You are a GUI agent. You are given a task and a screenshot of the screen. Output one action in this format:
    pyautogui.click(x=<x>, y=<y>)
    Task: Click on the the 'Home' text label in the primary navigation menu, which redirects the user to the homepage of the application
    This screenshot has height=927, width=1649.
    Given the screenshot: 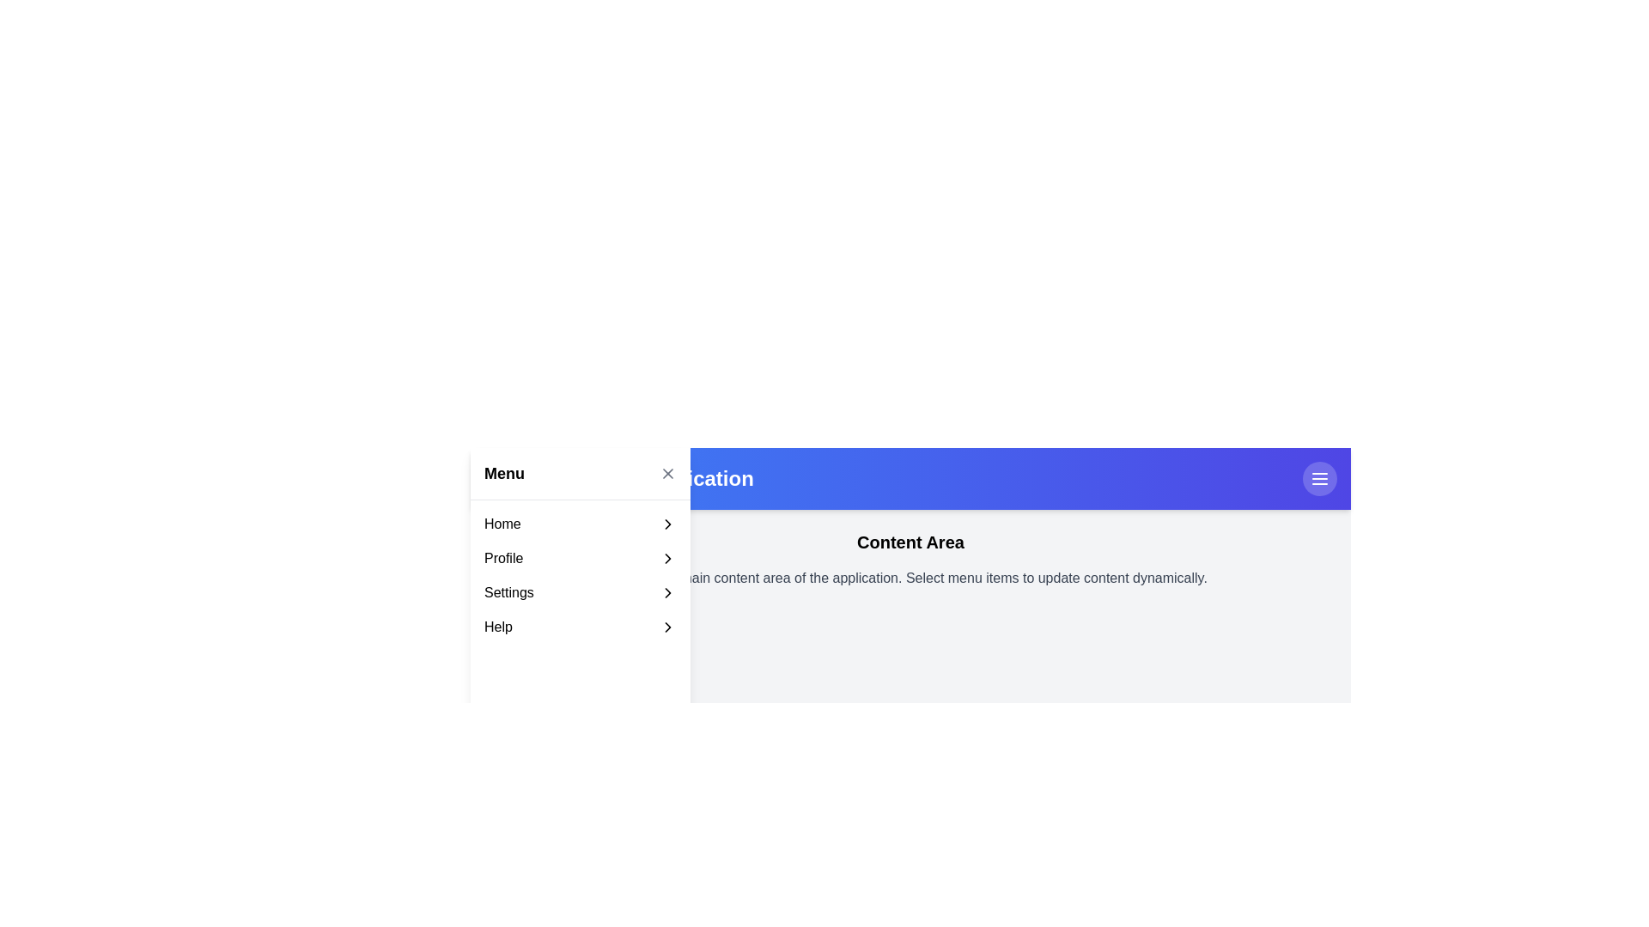 What is the action you would take?
    pyautogui.click(x=502, y=523)
    